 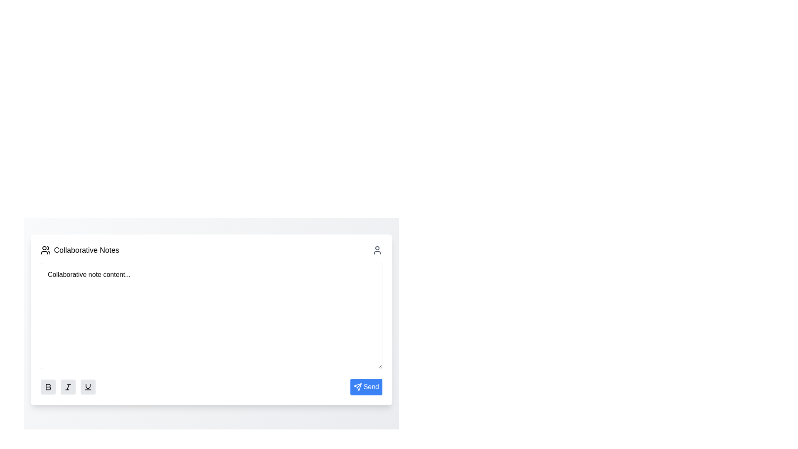 What do you see at coordinates (68, 387) in the screenshot?
I see `the italic formatting button, represented by a stylized 'I' icon, which is the second button in the row of formatting options under the text input area` at bounding box center [68, 387].